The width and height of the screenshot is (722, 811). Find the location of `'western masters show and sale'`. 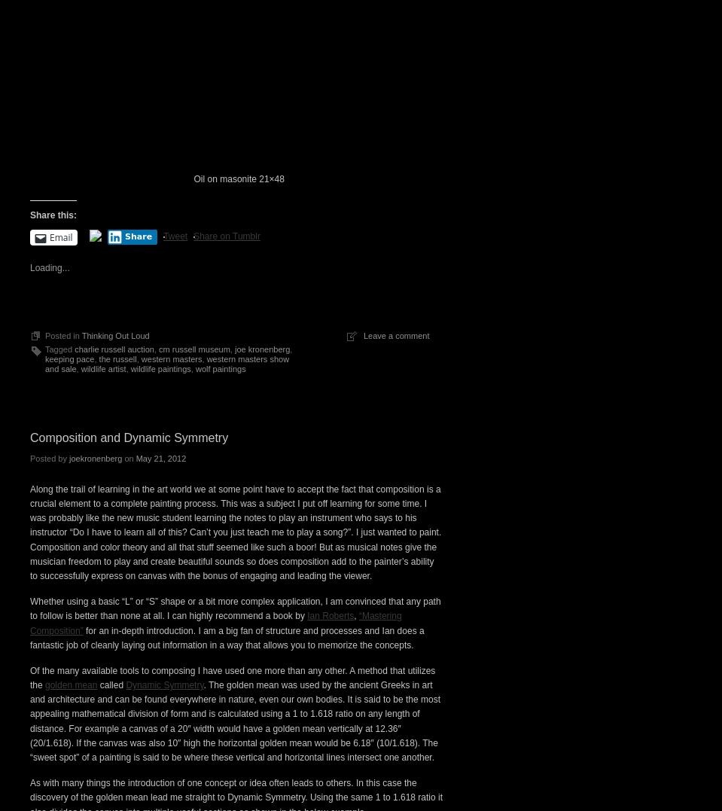

'western masters show and sale' is located at coordinates (167, 624).